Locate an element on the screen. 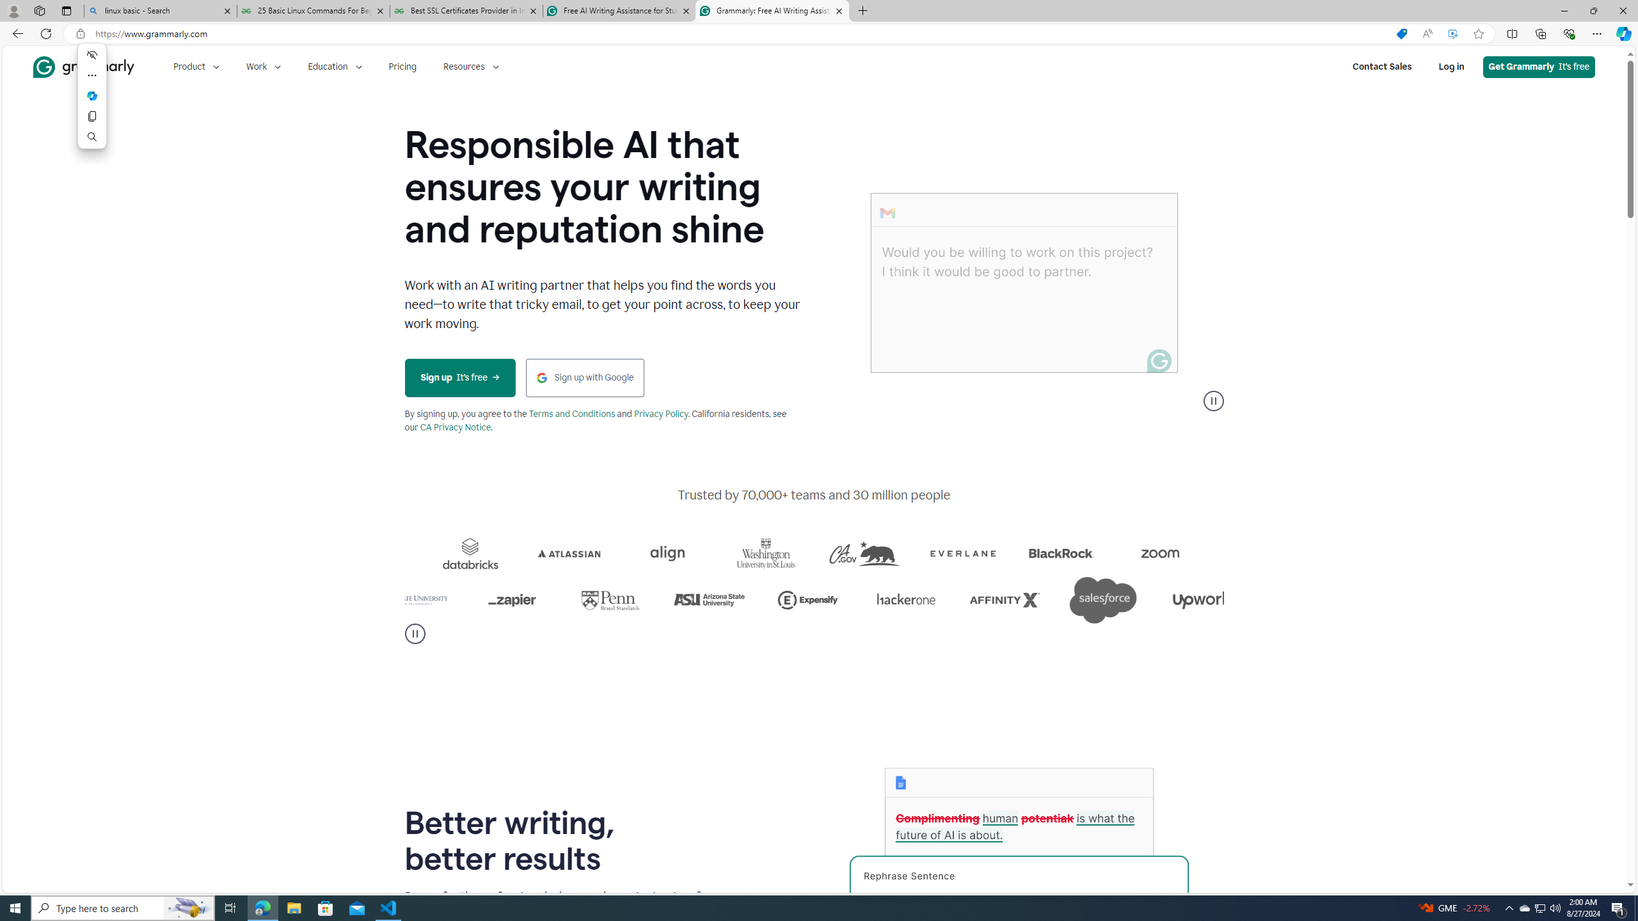 This screenshot has width=1638, height=921. 'Product' is located at coordinates (196, 66).